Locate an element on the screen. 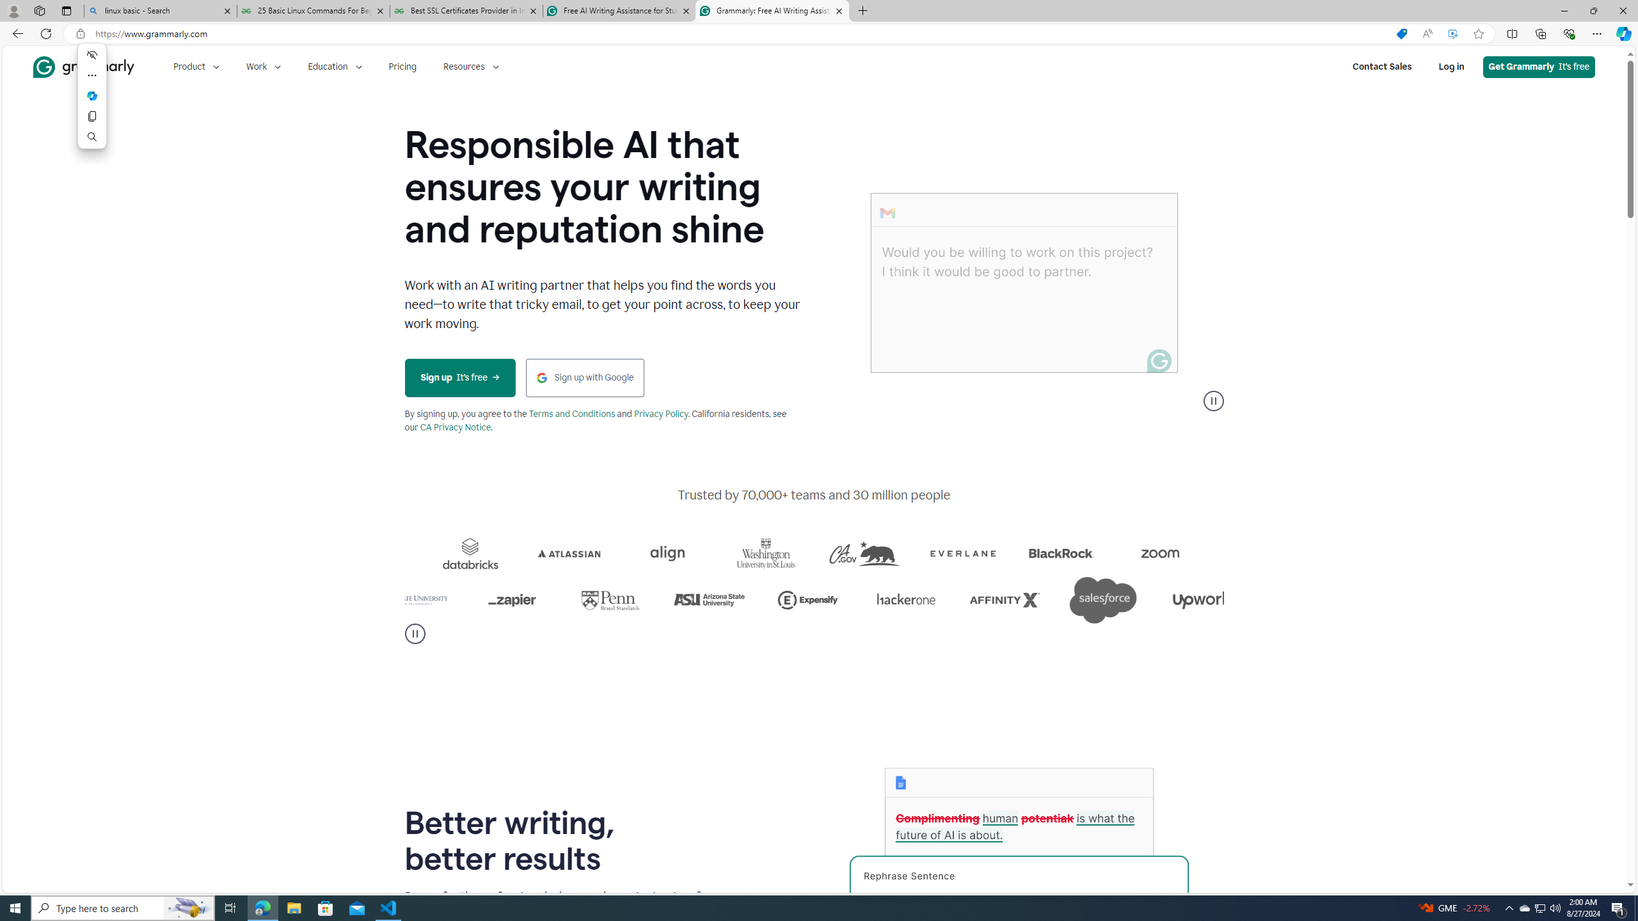 This screenshot has width=1638, height=921. 'Product' is located at coordinates (196, 66).